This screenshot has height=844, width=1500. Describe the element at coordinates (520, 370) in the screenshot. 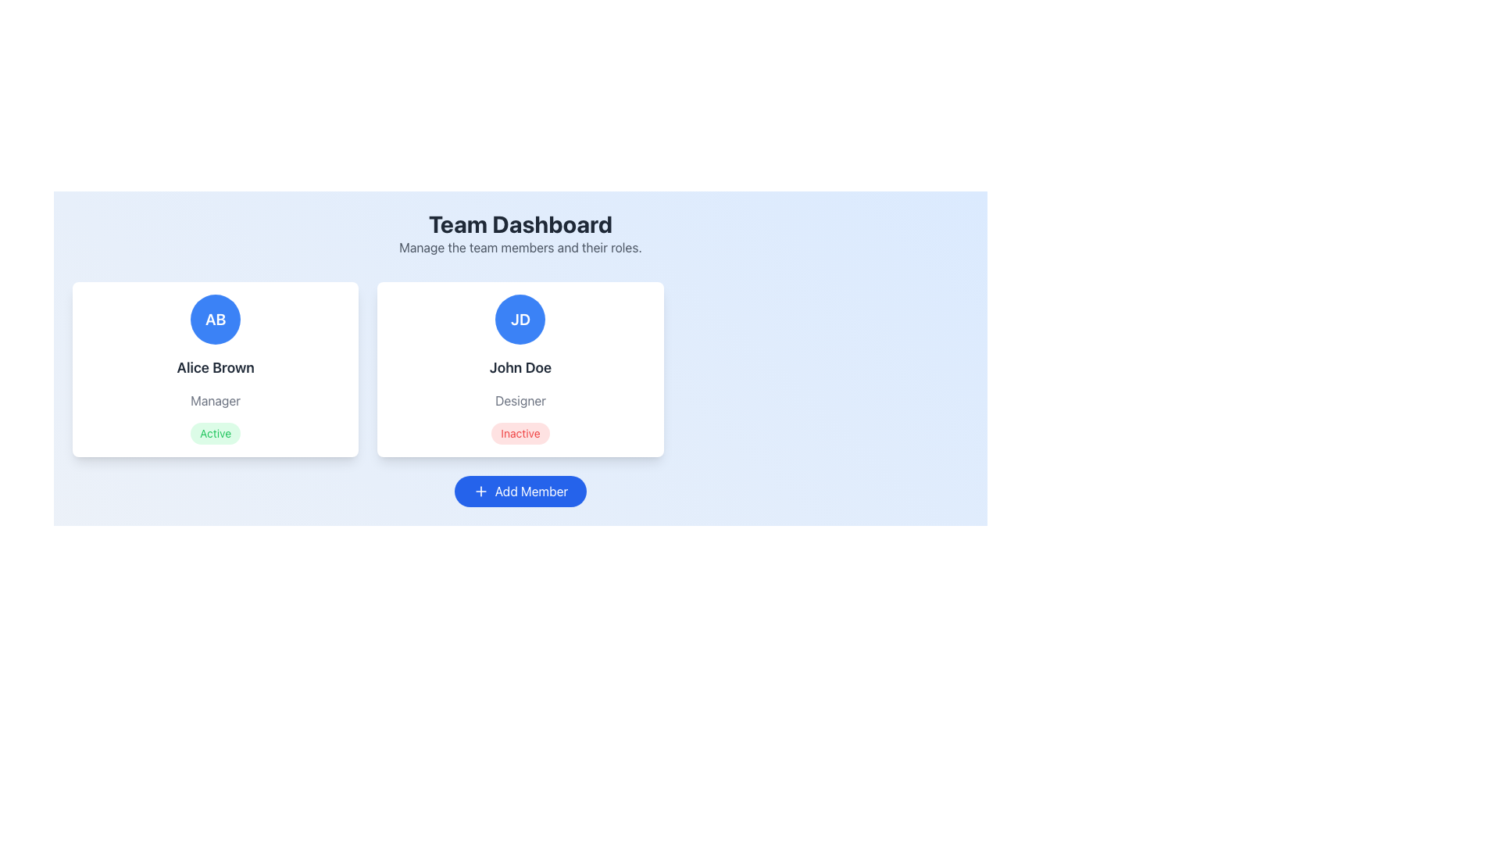

I see `the card component displaying 'John Doe' with the badge 'Inactive' at the bottom, which is the second card in the grid layout under 'Team Dashboard'` at that location.